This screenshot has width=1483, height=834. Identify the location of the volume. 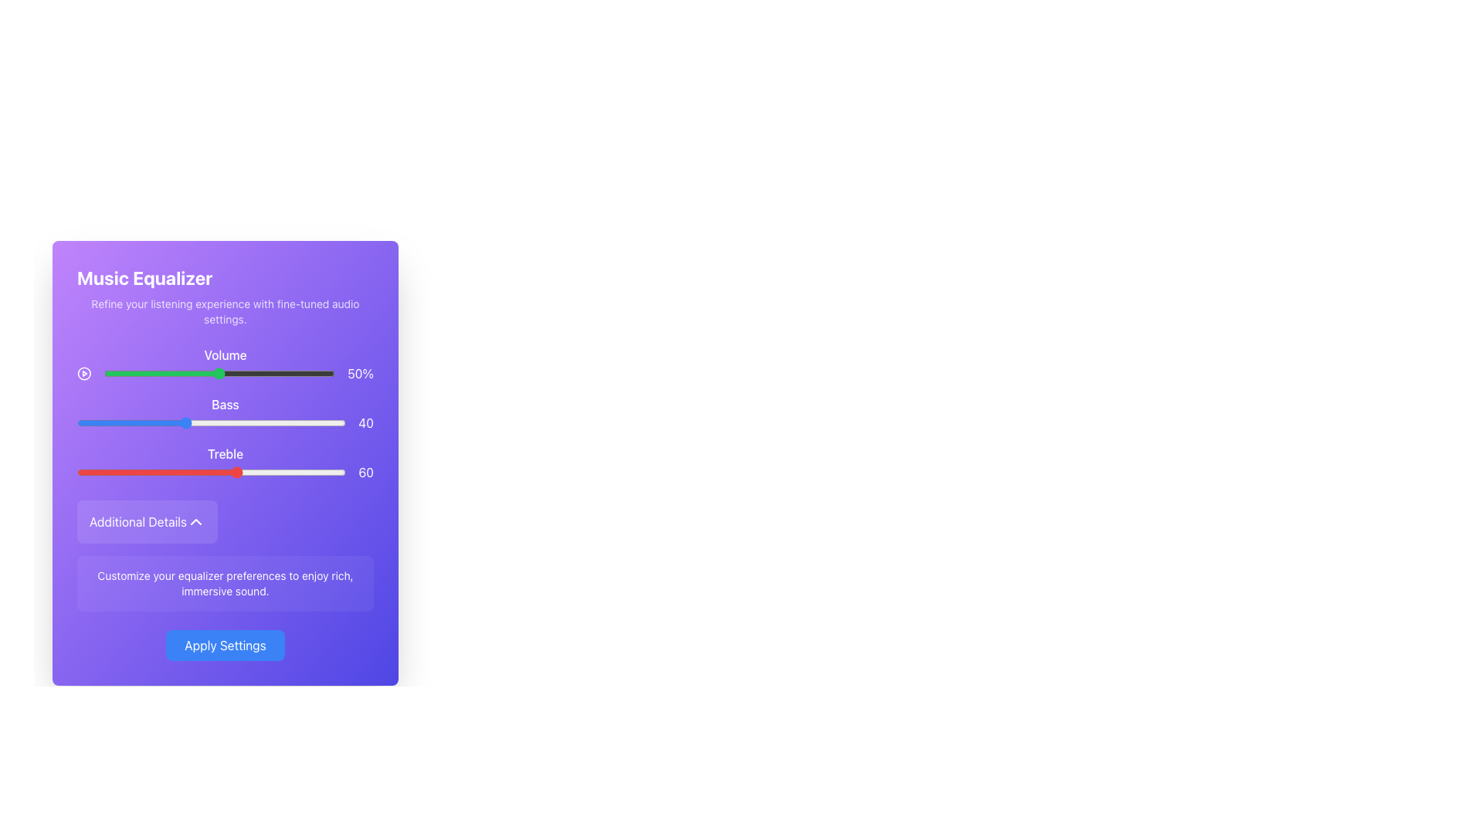
(173, 373).